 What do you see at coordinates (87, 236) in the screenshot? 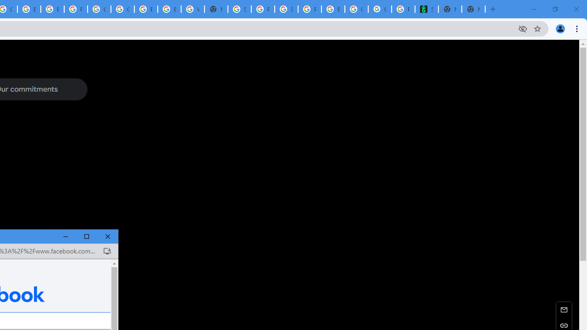
I see `'Maximize'` at bounding box center [87, 236].